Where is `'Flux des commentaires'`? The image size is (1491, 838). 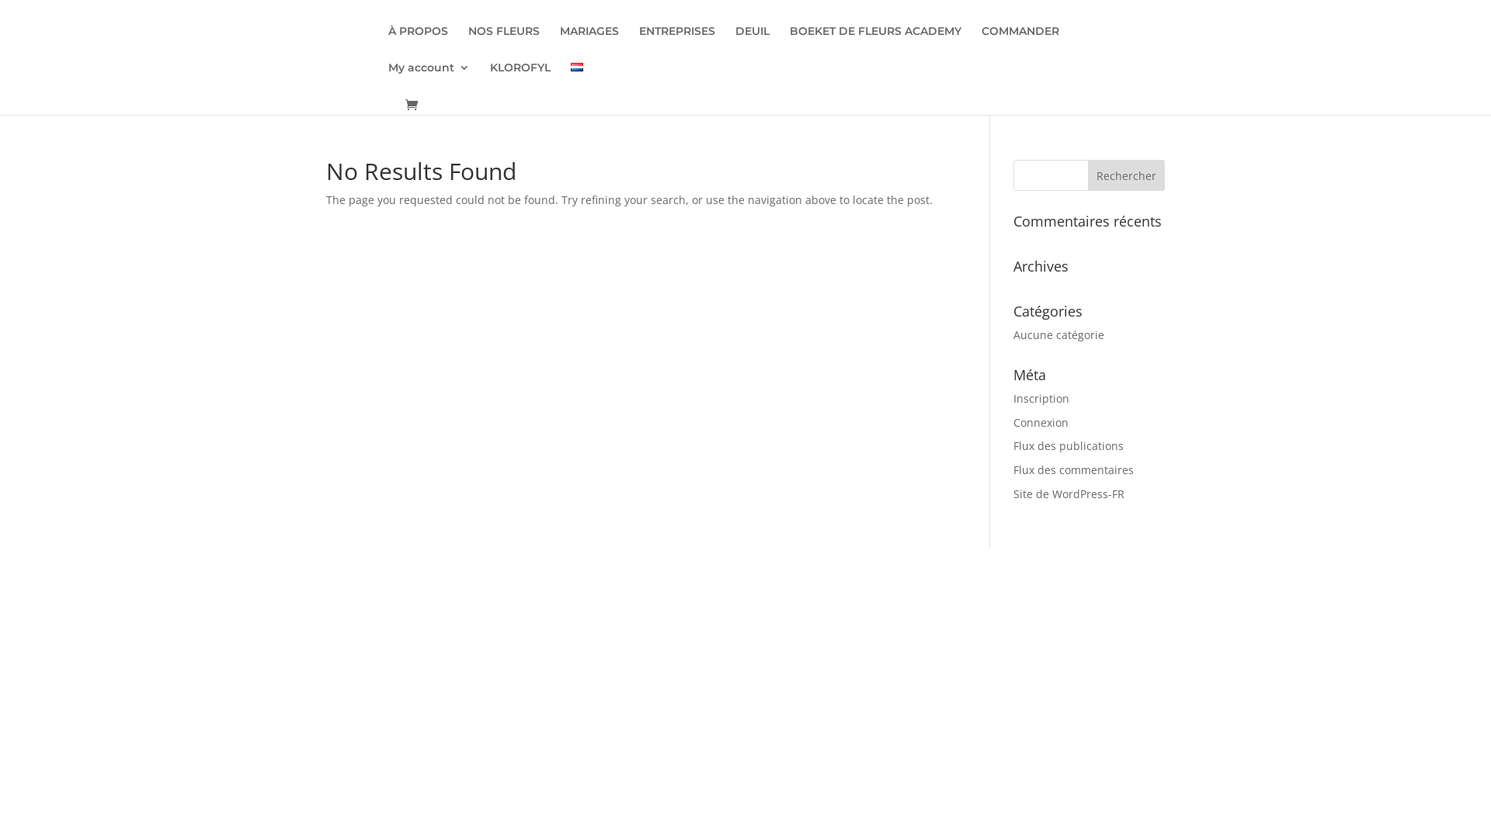 'Flux des commentaires' is located at coordinates (1013, 469).